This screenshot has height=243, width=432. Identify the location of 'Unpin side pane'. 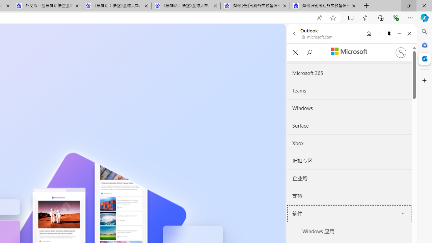
(389, 33).